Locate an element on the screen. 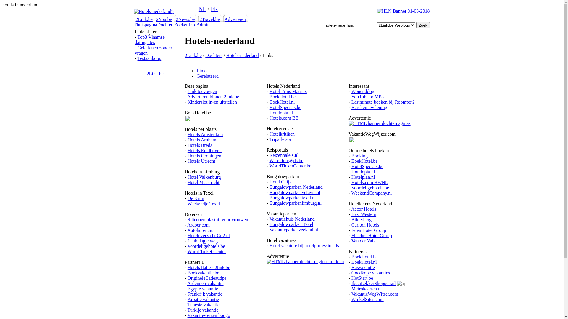 This screenshot has width=568, height=319. 'Hotel Maastricht' is located at coordinates (187, 182).